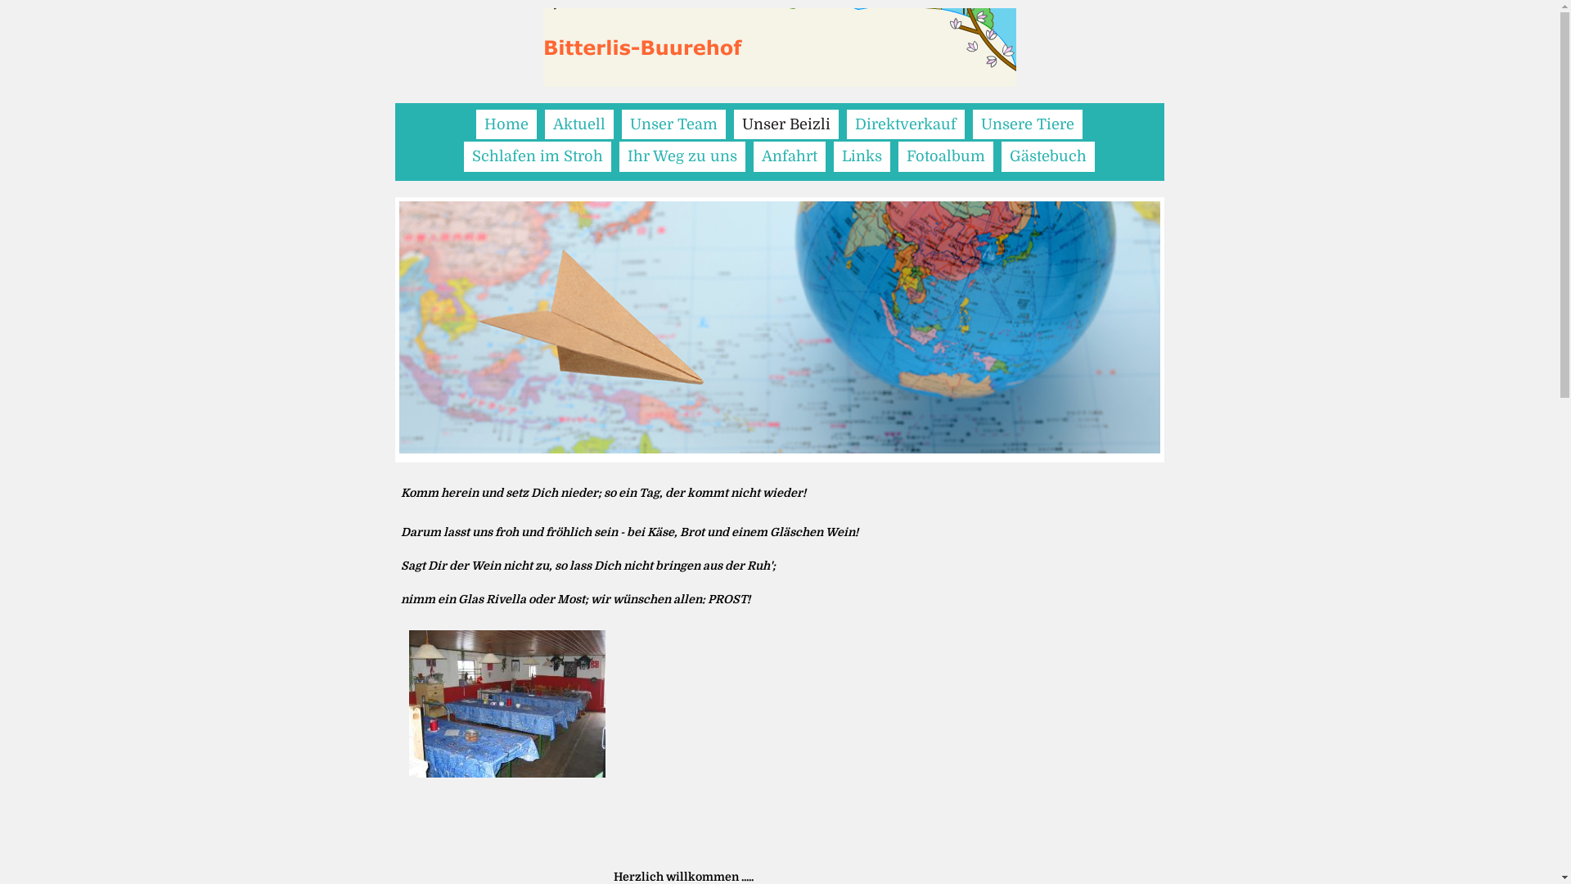 The image size is (1571, 884). Describe the element at coordinates (733, 123) in the screenshot. I see `'Unser Beizli'` at that location.